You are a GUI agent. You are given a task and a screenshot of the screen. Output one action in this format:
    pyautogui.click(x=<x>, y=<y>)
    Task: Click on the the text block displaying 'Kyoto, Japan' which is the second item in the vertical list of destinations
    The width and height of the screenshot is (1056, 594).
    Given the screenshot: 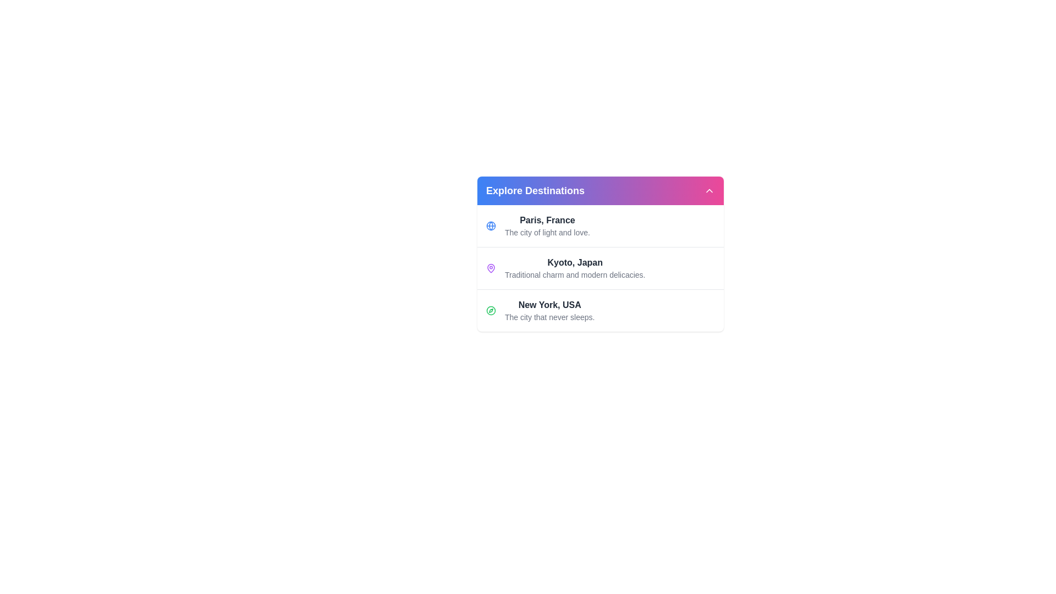 What is the action you would take?
    pyautogui.click(x=574, y=268)
    